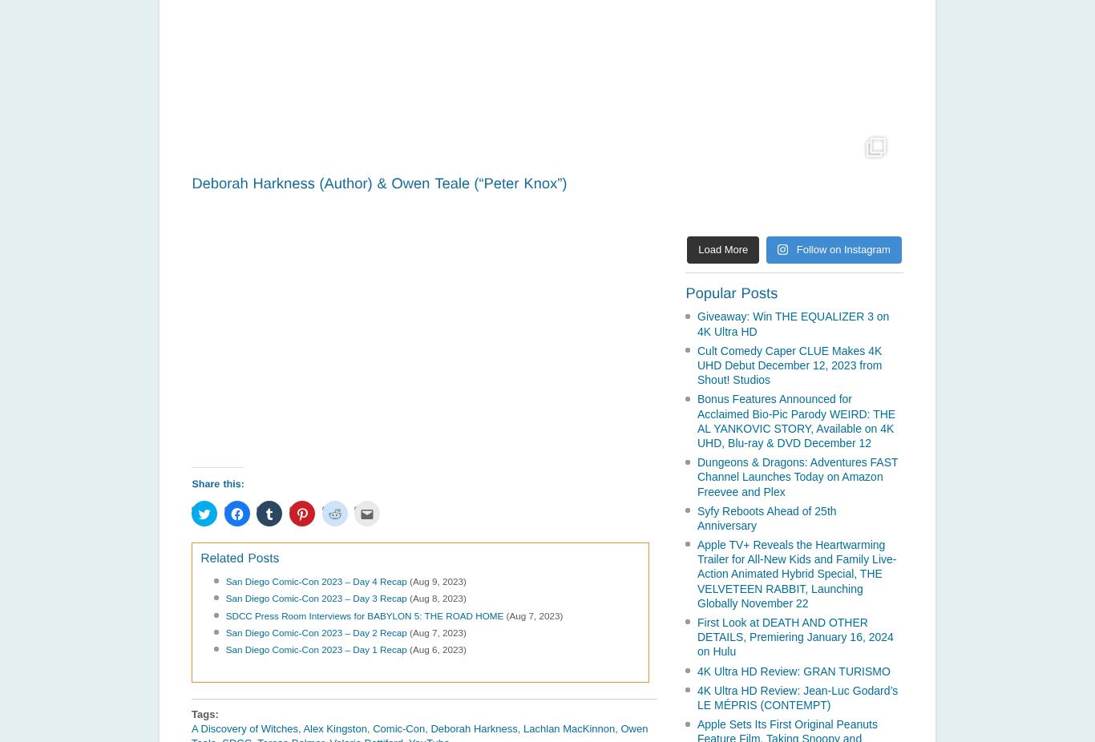 This screenshot has height=742, width=1095. Describe the element at coordinates (797, 696) in the screenshot. I see `'4K Ultra HD Review: Jean-Luc Godard’s LE MÉPRIS (CONTEMPT)'` at that location.